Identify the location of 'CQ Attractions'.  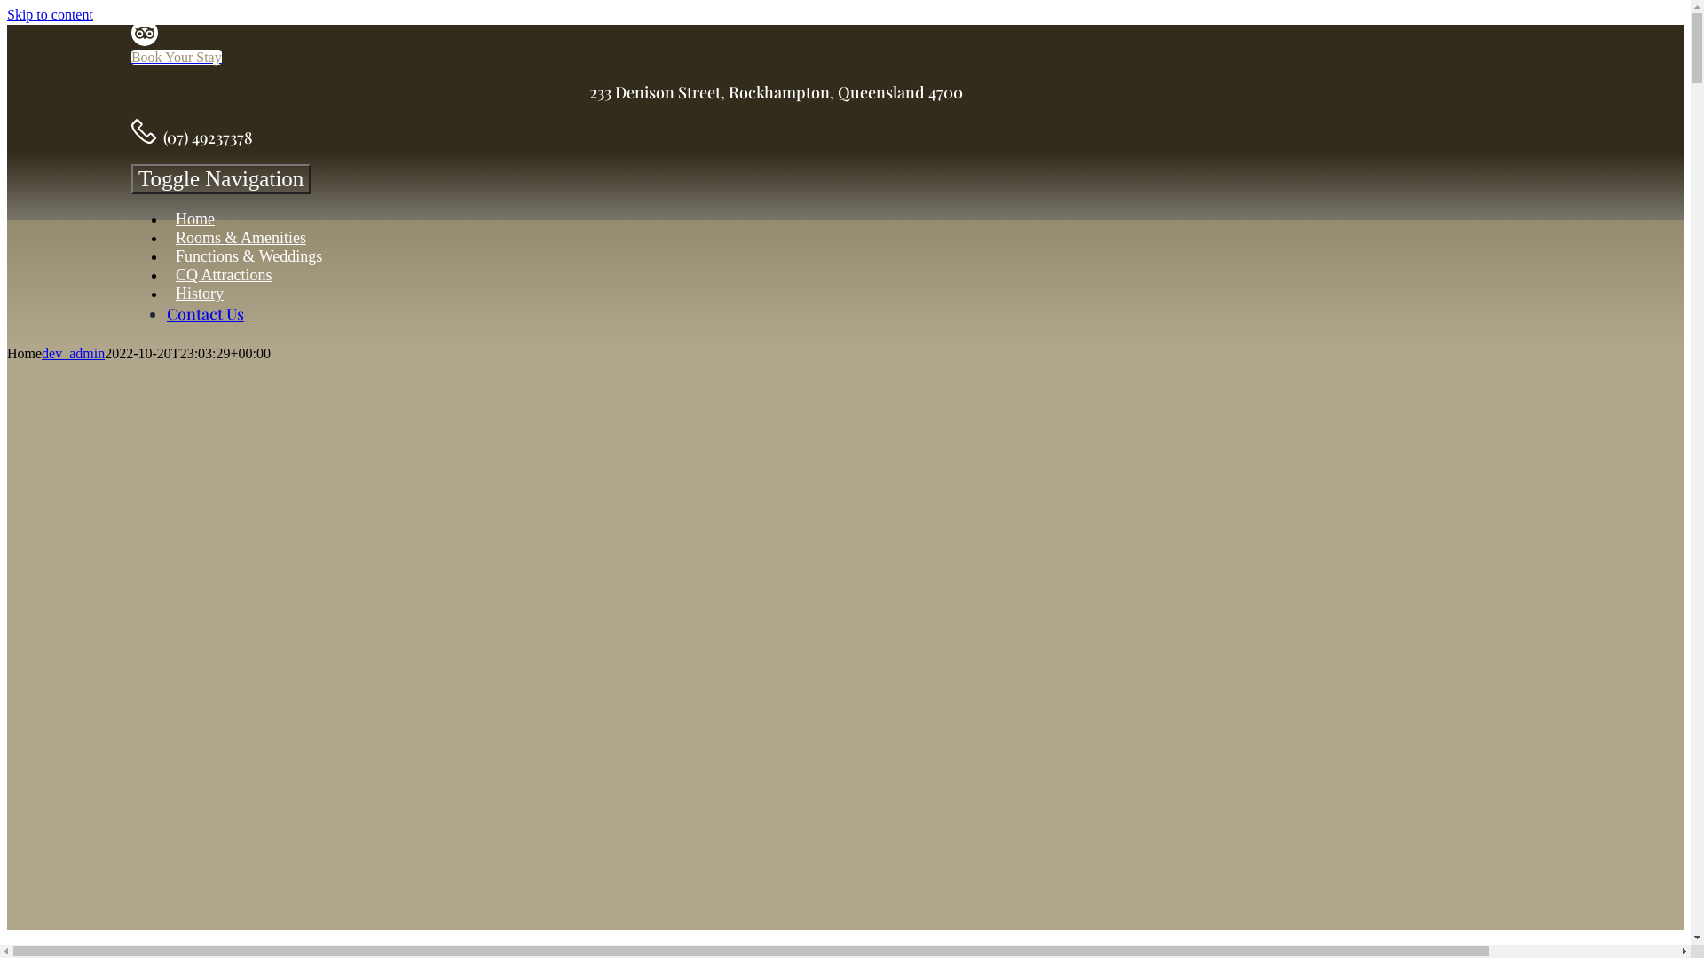
(166, 274).